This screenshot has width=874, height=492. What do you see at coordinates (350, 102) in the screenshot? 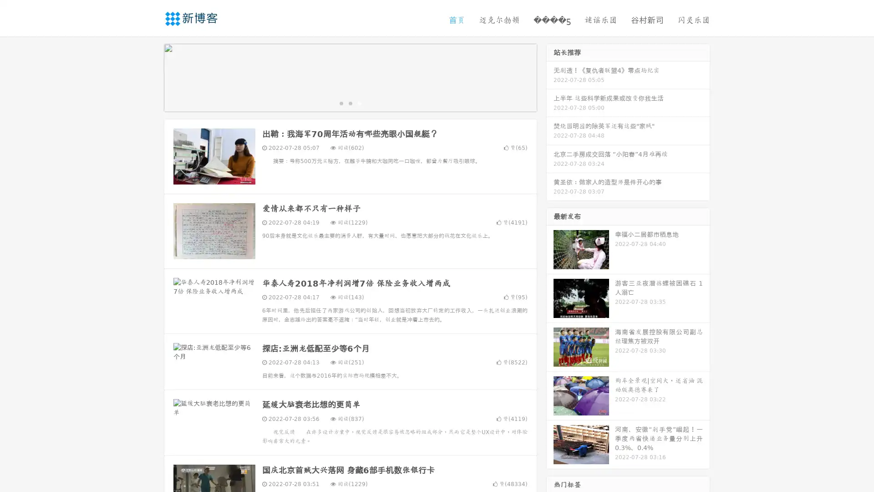
I see `Go to slide 2` at bounding box center [350, 102].